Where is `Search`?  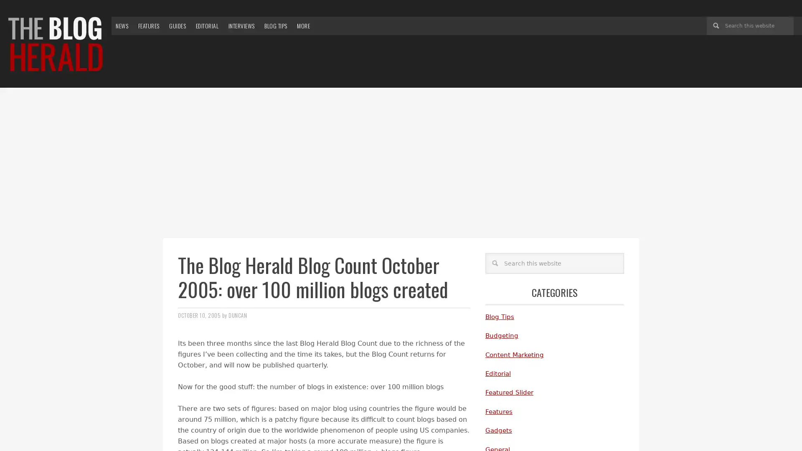 Search is located at coordinates (624, 252).